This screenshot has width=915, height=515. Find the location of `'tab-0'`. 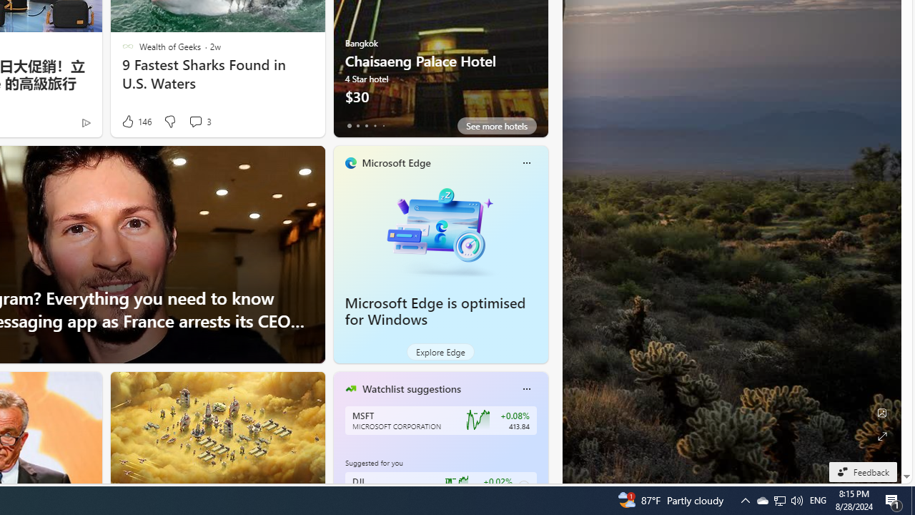

'tab-0' is located at coordinates (349, 125).